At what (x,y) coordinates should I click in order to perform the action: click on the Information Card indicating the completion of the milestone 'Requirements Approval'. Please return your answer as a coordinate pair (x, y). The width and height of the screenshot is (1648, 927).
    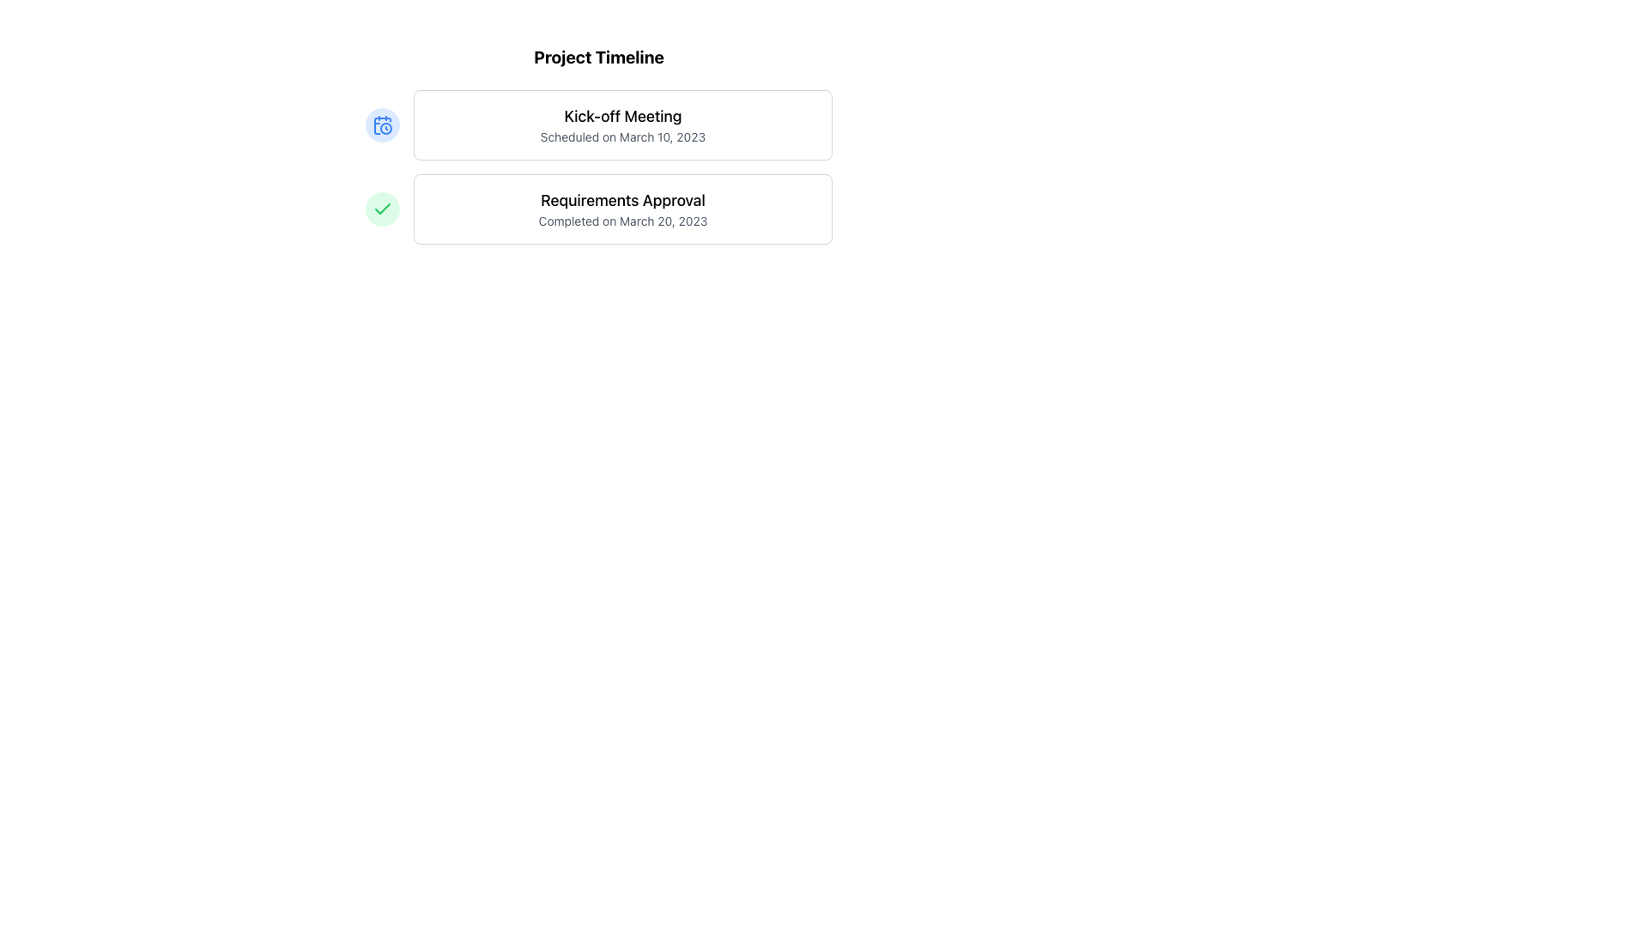
    Looking at the image, I should click on (598, 208).